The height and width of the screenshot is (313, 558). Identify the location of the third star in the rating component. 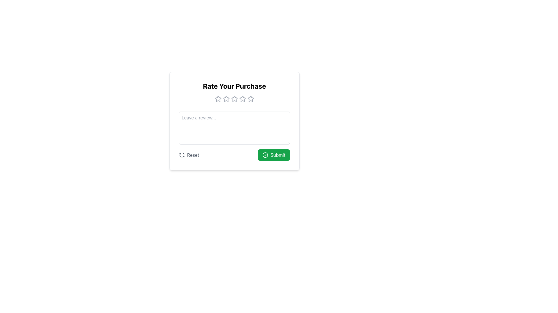
(243, 98).